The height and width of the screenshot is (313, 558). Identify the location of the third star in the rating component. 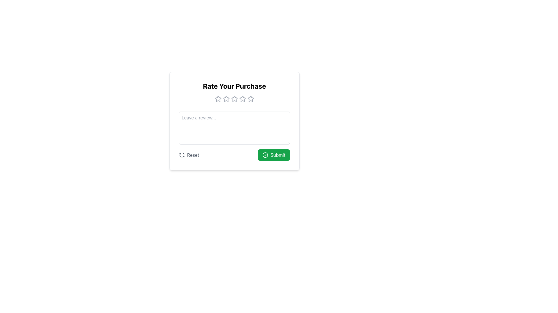
(243, 98).